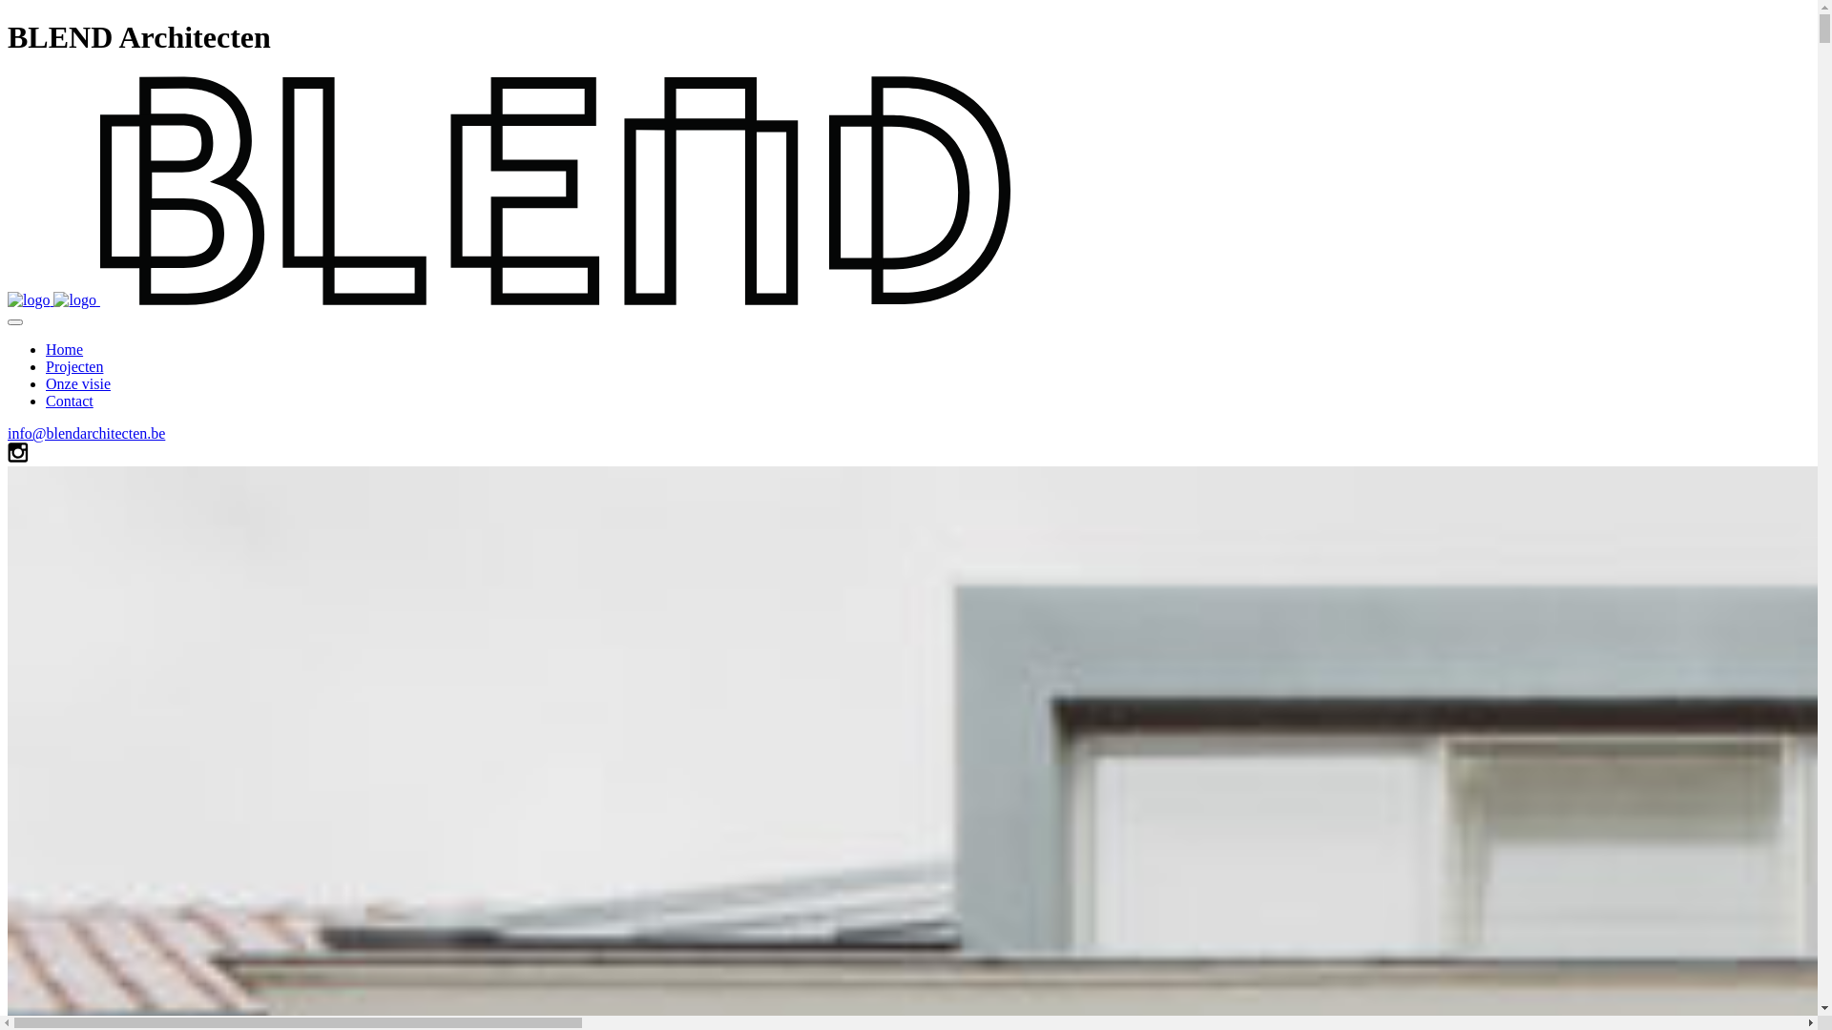 This screenshot has width=1832, height=1030. I want to click on 'Contact', so click(69, 400).